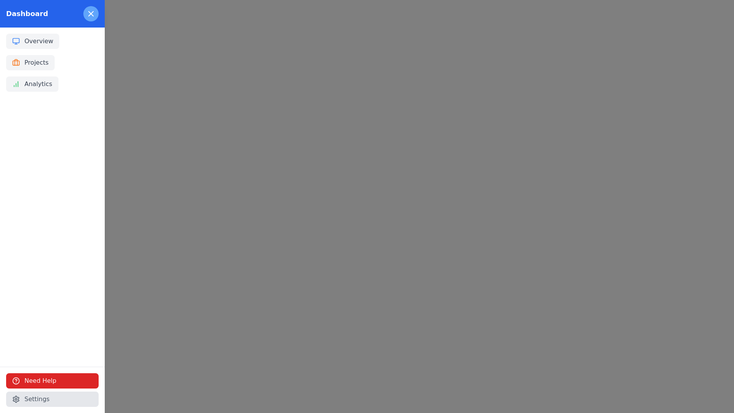 This screenshot has height=413, width=734. Describe the element at coordinates (30, 62) in the screenshot. I see `the 'Projects' button, which is the second button in a vertical list, located below the 'Overview' button and above the 'Analytics' button` at that location.